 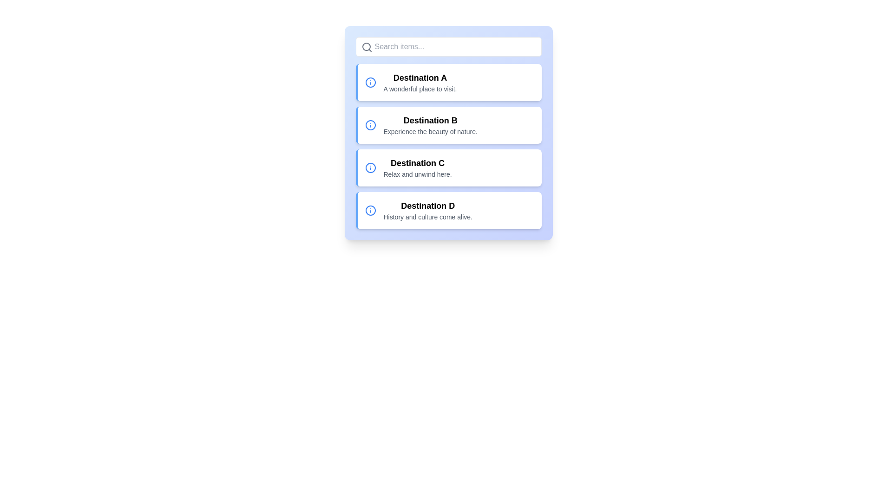 I want to click on the text label that provides descriptive information about 'Destination D', located directly below the heading 'Destination D' in the lower portion of the vertical list of destination entries, so click(x=427, y=217).